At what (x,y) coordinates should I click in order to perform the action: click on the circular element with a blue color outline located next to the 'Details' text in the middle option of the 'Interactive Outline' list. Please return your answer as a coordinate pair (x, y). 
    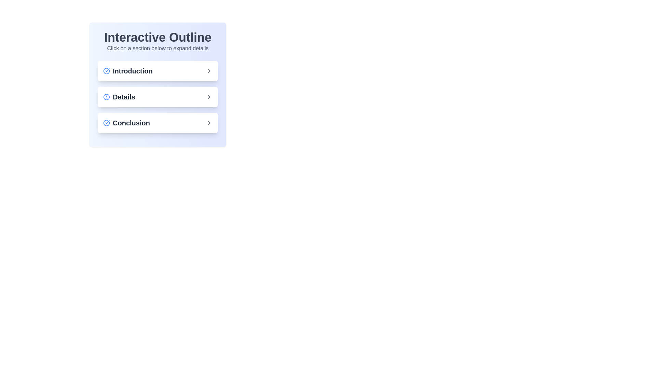
    Looking at the image, I should click on (106, 97).